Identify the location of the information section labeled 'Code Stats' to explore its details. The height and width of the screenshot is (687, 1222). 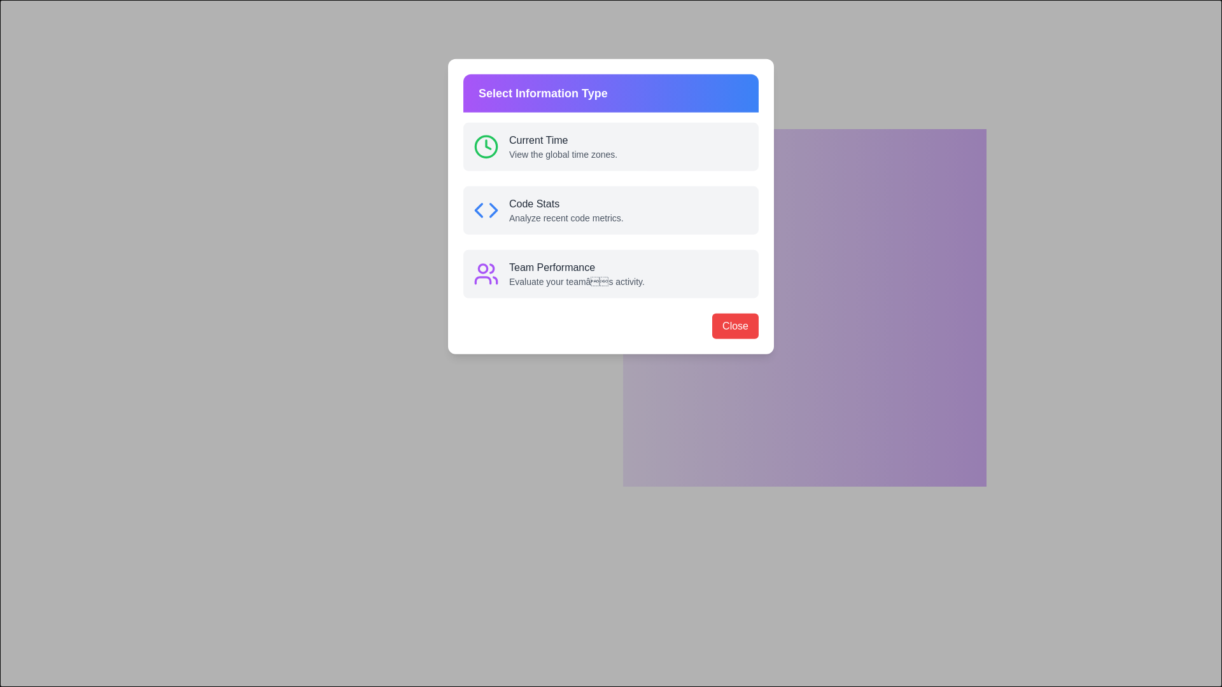
(636, 191).